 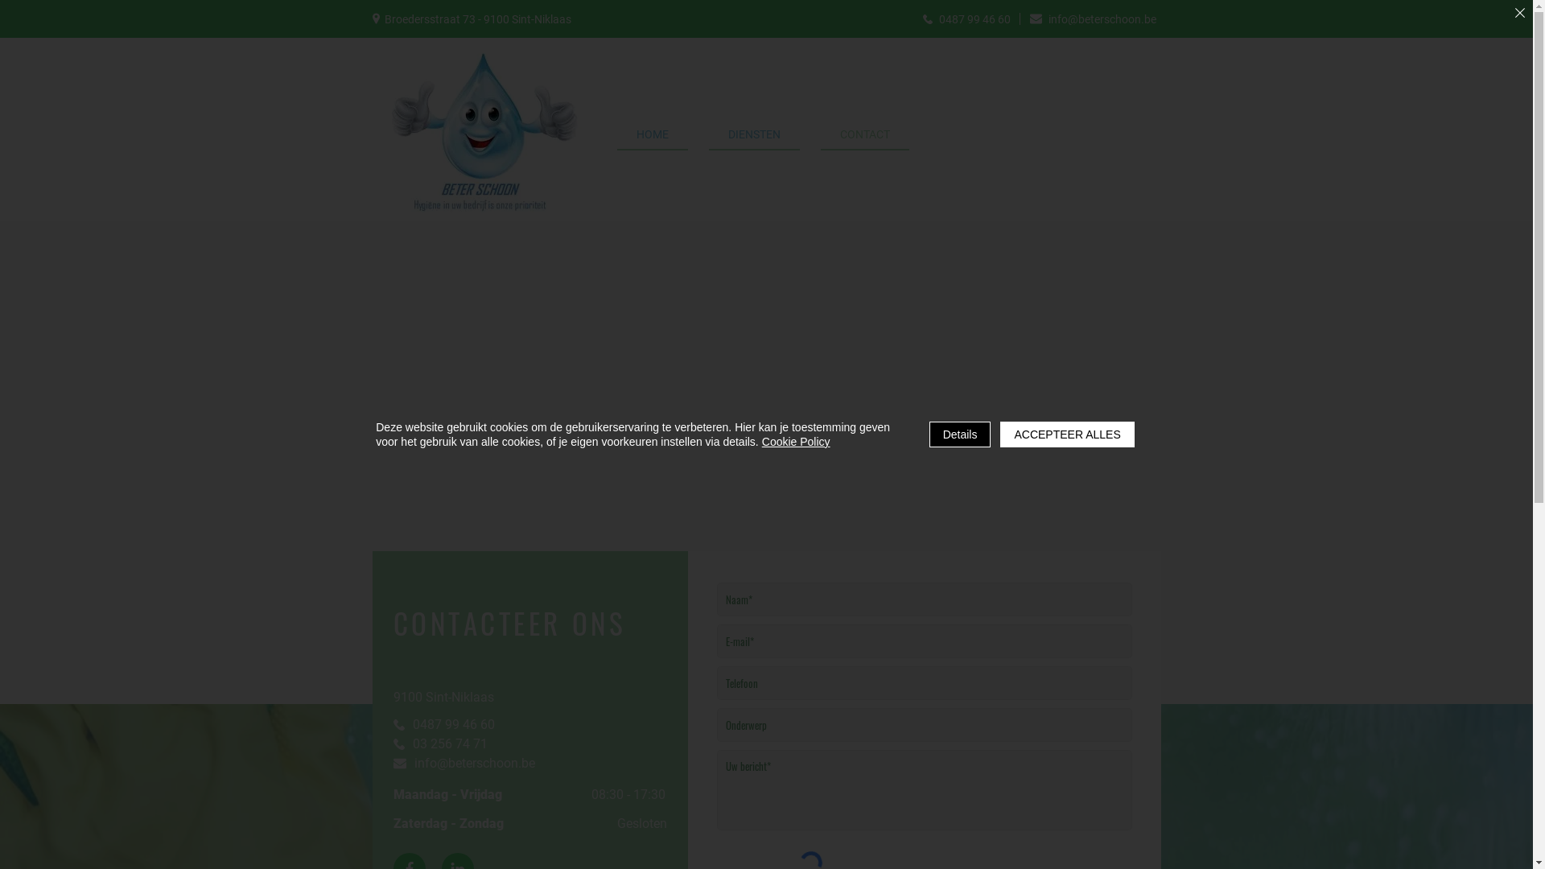 I want to click on 'info@beterschoon.be', so click(x=1093, y=19).